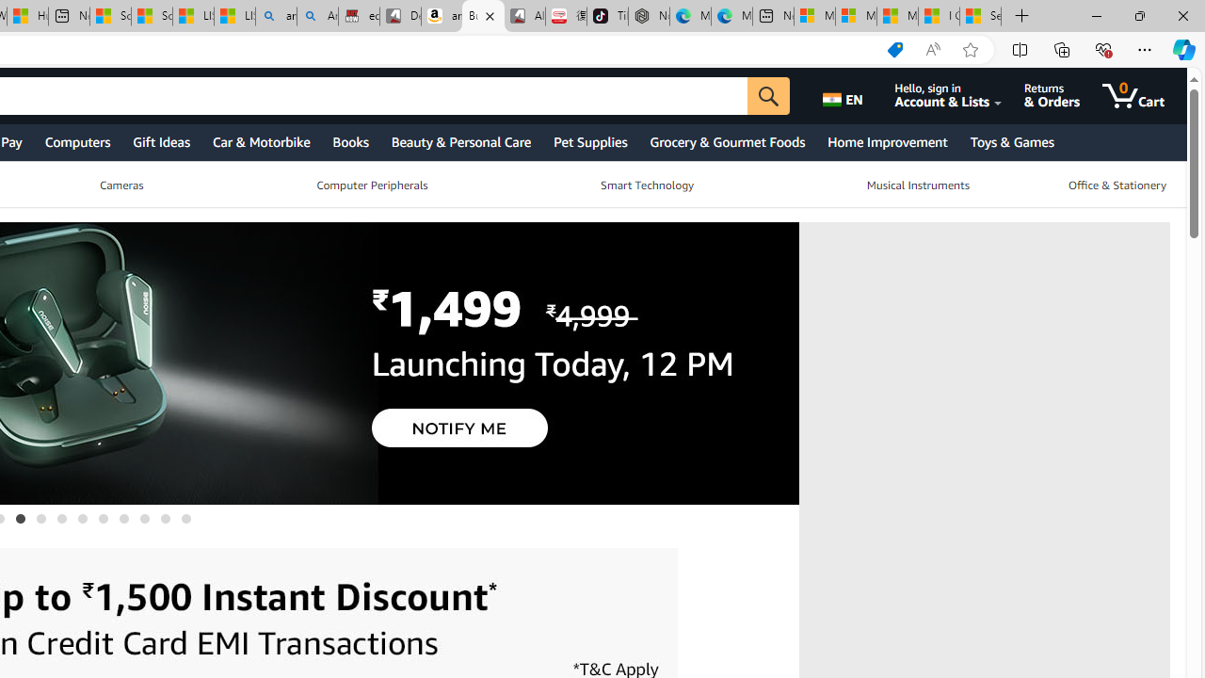  Describe the element at coordinates (958, 95) in the screenshot. I see `'Hello, sign in Account & Lists'` at that location.